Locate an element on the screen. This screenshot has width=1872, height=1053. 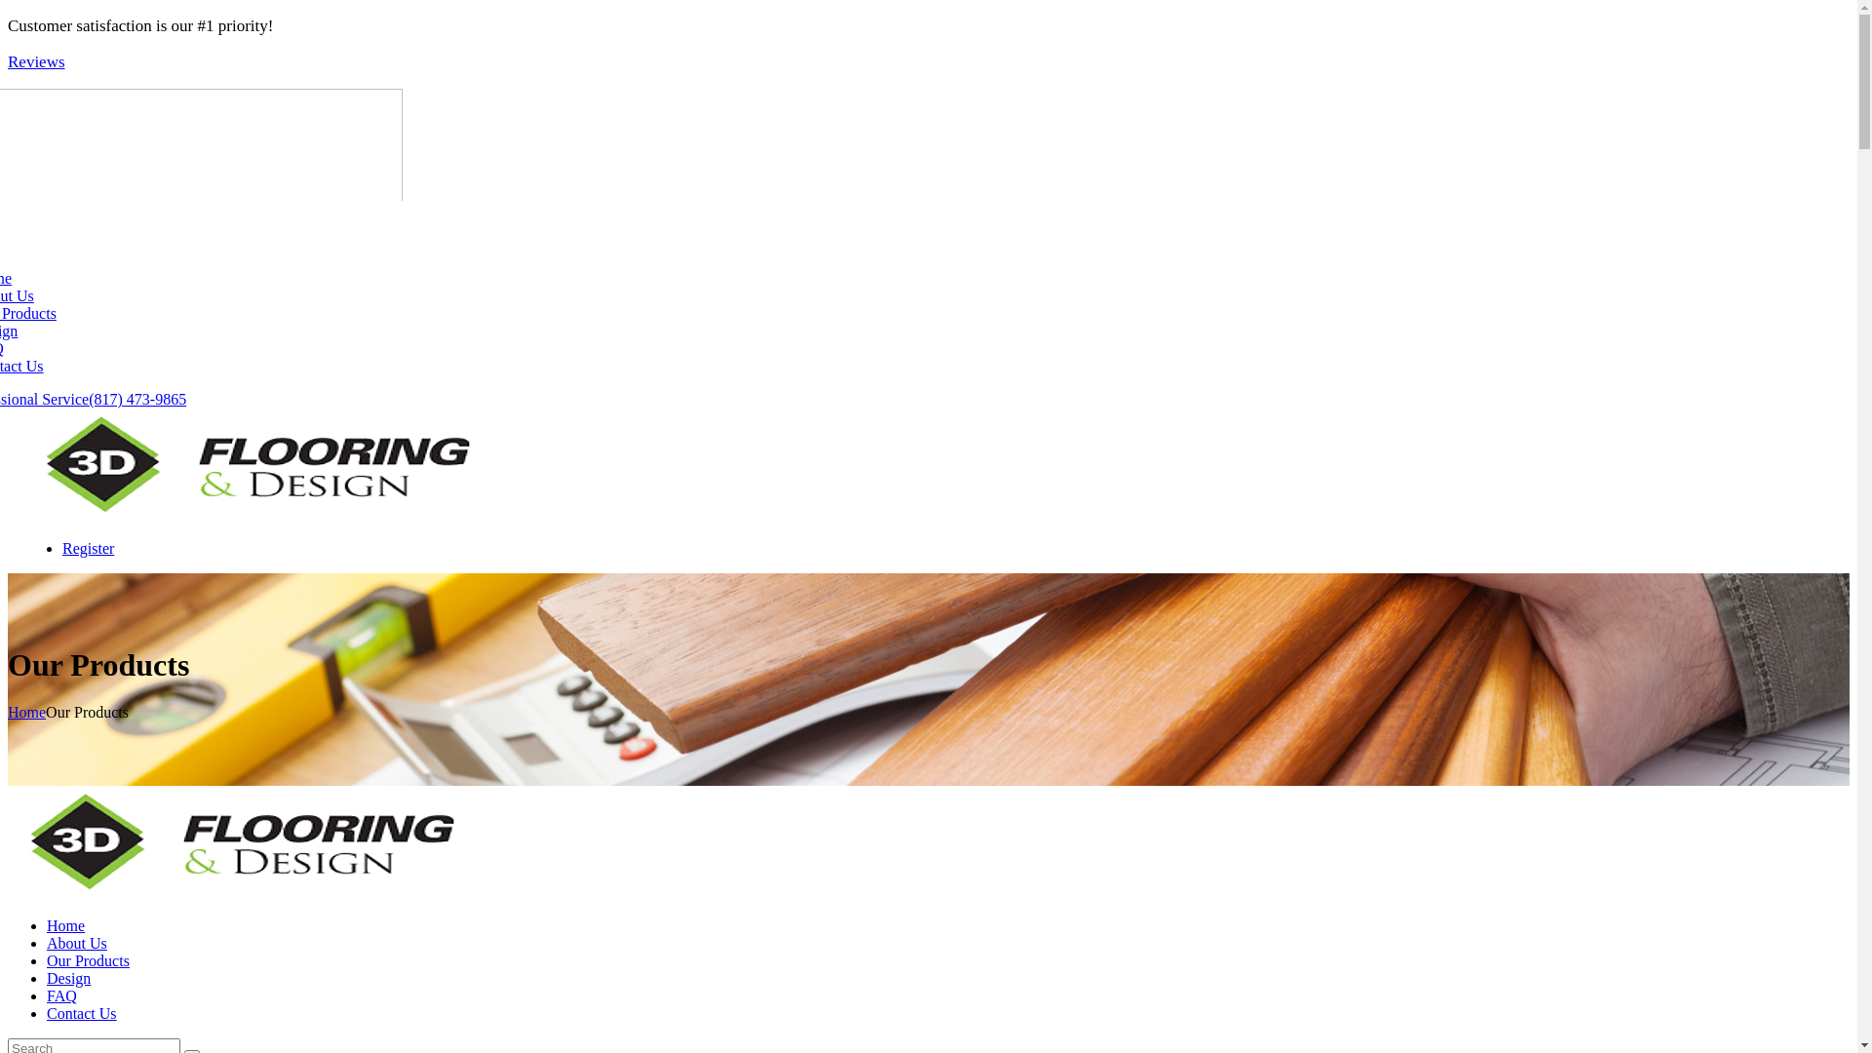
'Our Products' is located at coordinates (47, 959).